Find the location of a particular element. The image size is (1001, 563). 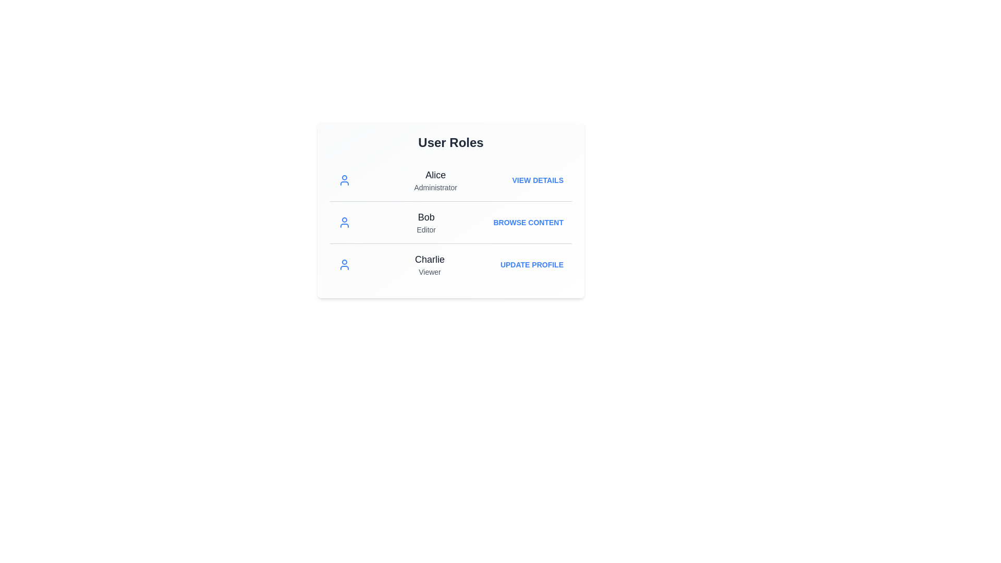

the non-interactive text label providing additional context for the 'Charlie' row under the 'User Roles' header, located below 'Charlie' and to the left of the 'UPDATE PROFILE' link is located at coordinates (430, 271).